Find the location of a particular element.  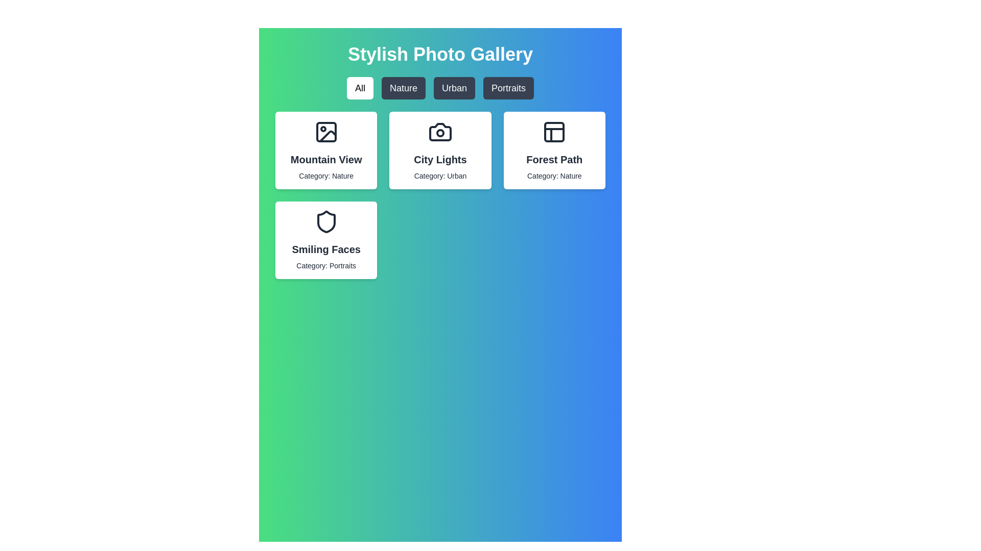

the first card component in the grid layout that features a white background, rounded corners, and the title 'Mountain View' is located at coordinates (325, 150).